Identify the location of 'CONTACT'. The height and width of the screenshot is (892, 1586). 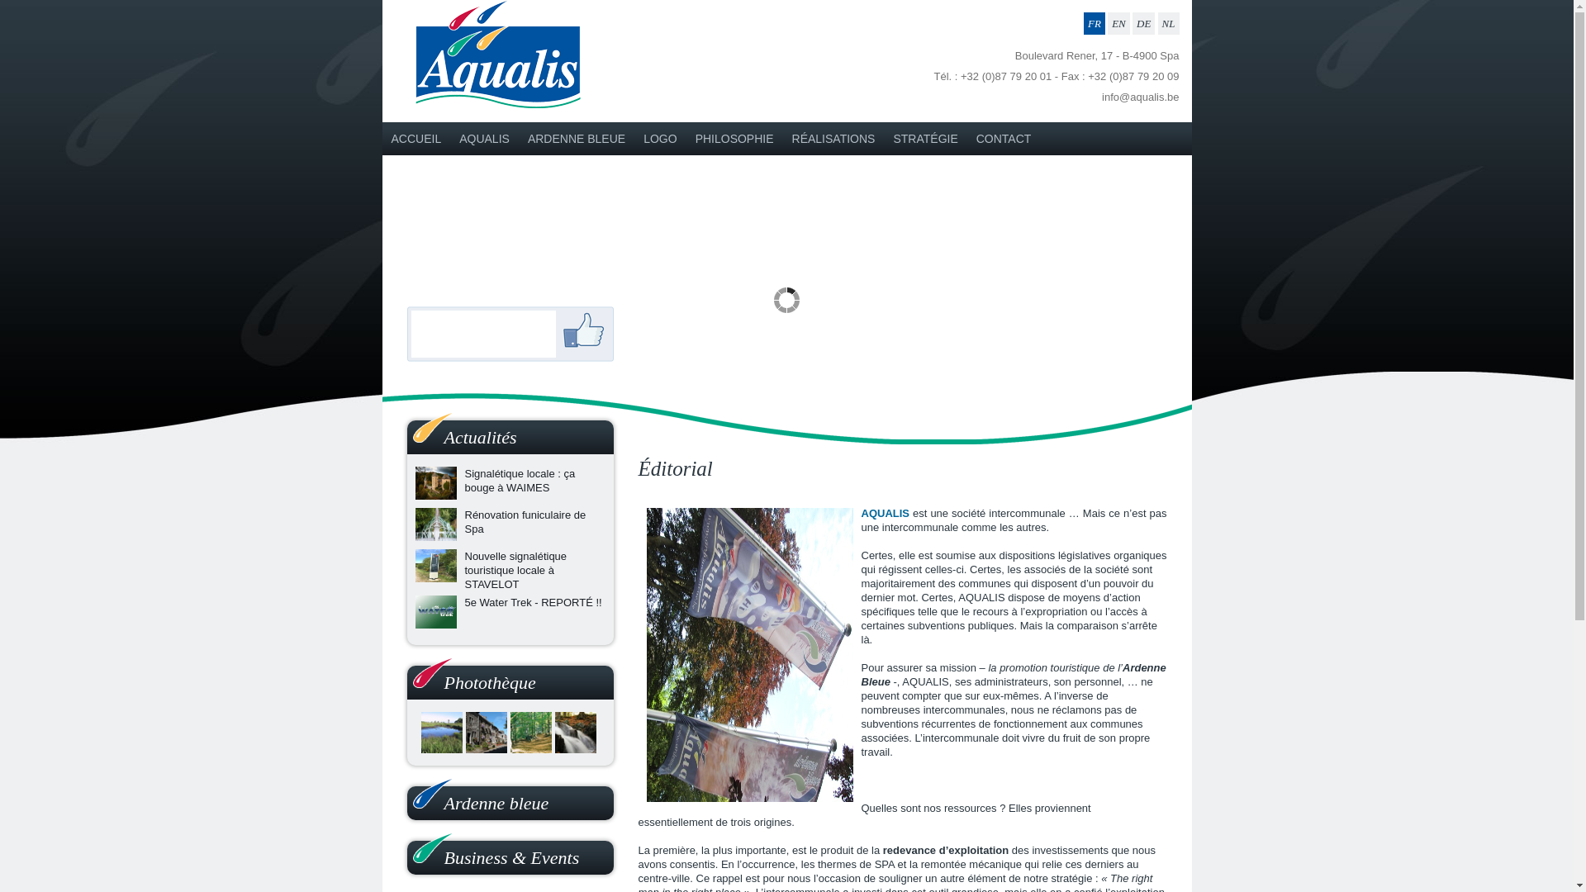
(1003, 138).